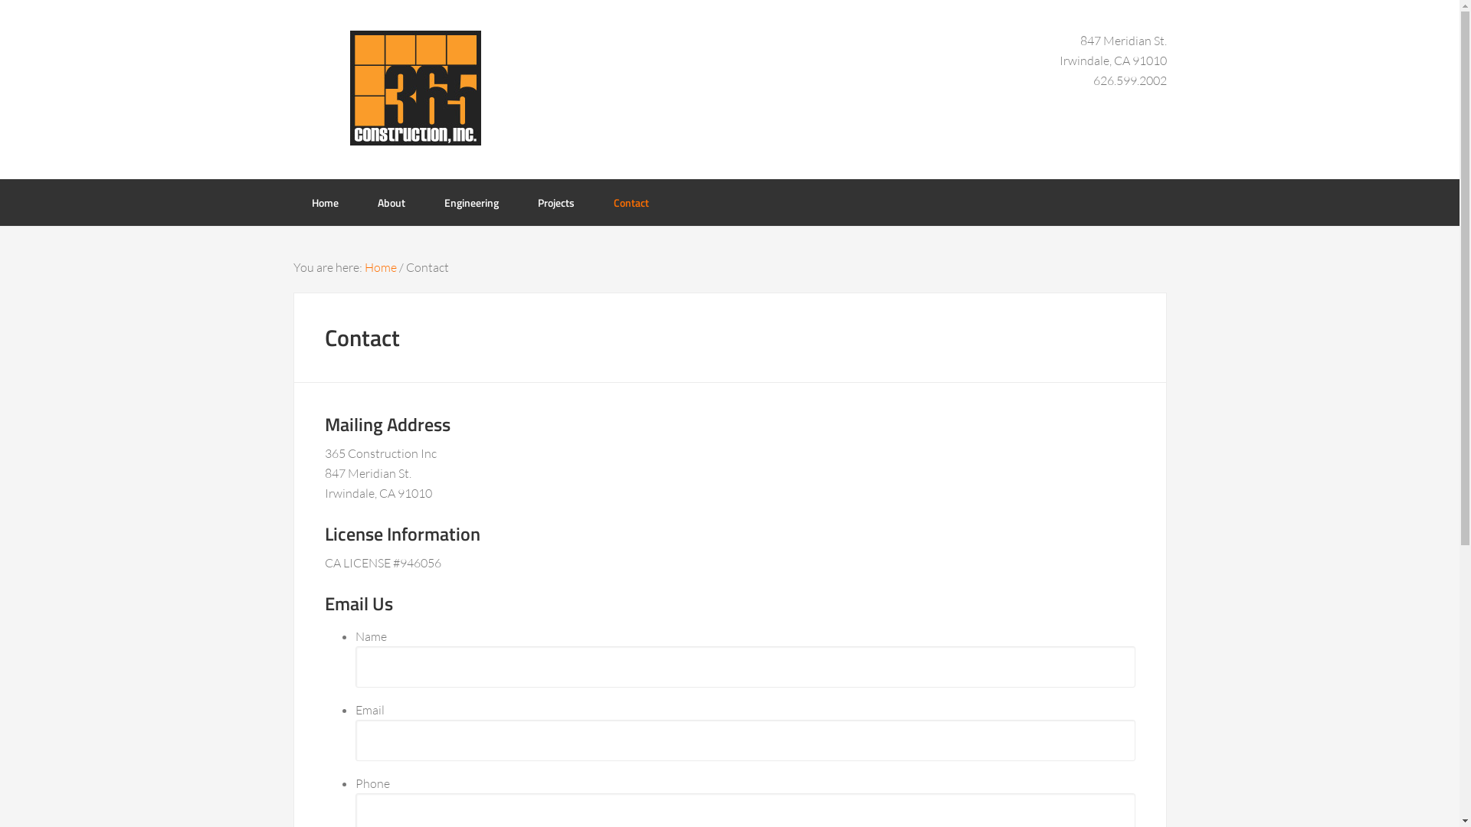  I want to click on 'Contact', so click(594, 201).